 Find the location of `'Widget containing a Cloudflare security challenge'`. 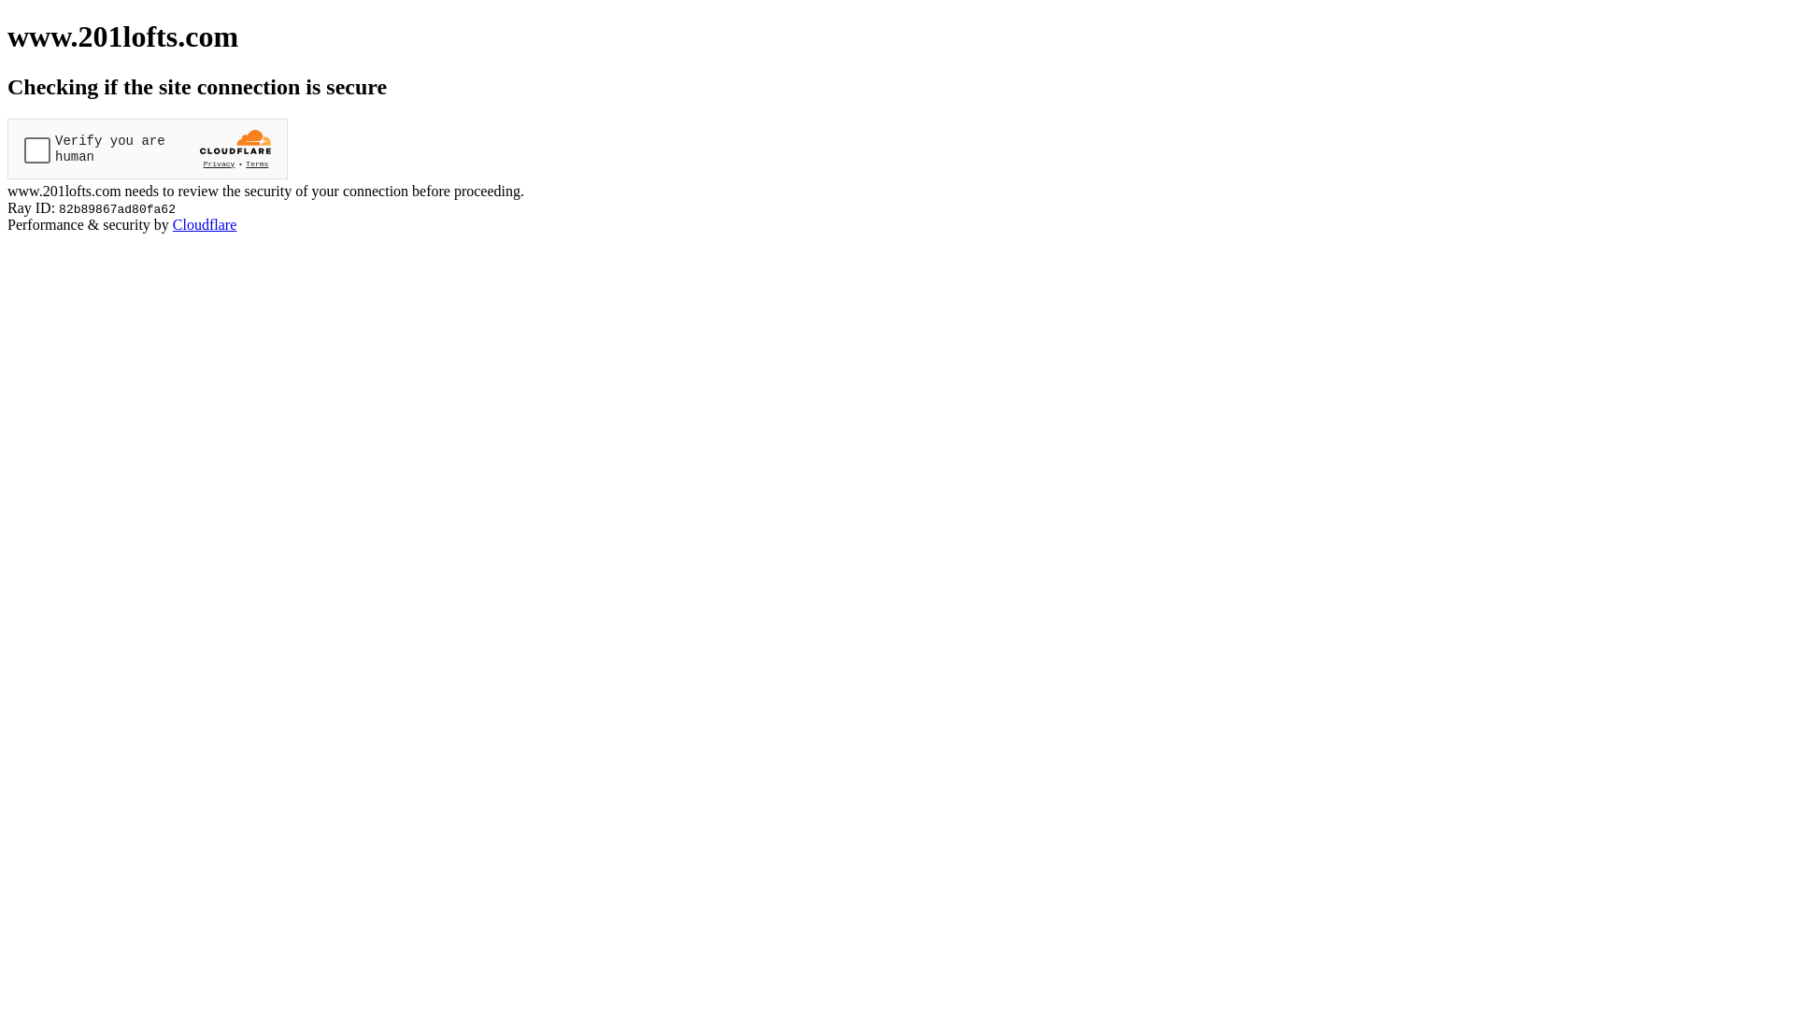

'Widget containing a Cloudflare security challenge' is located at coordinates (147, 148).